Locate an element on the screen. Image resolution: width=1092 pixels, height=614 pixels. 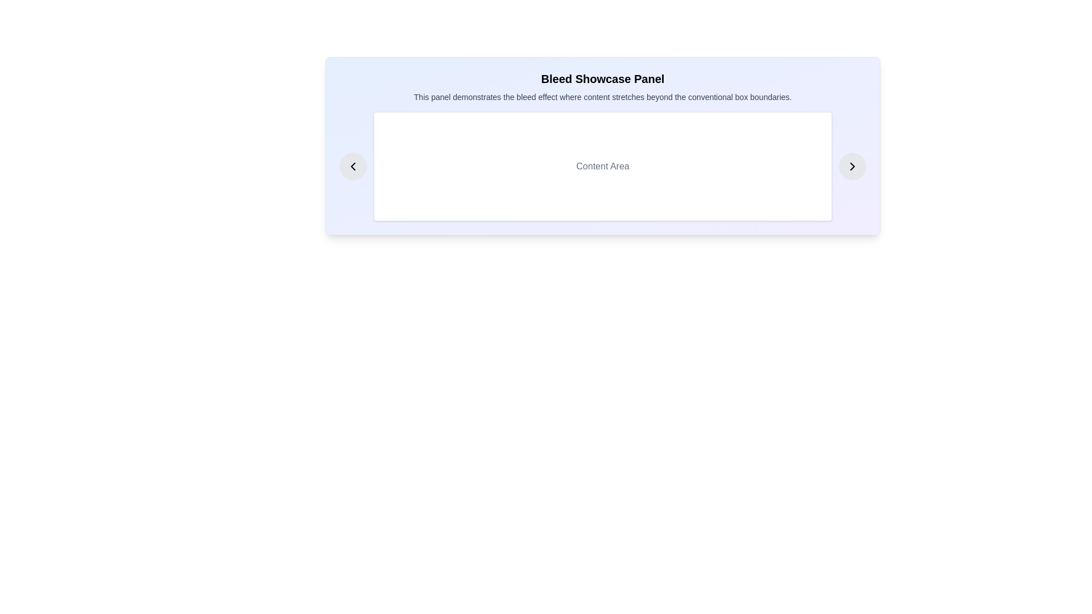
the left navigation button located adjacent to the text 'Content Area' is located at coordinates (352, 167).